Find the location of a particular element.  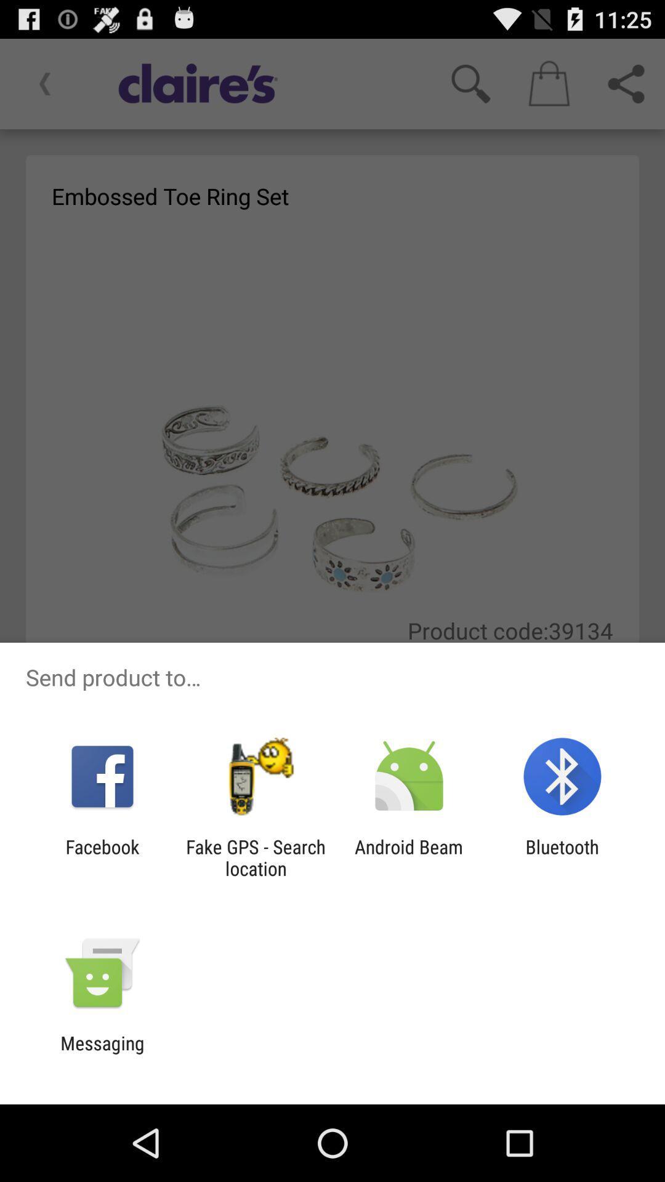

the app to the right of android beam item is located at coordinates (562, 857).